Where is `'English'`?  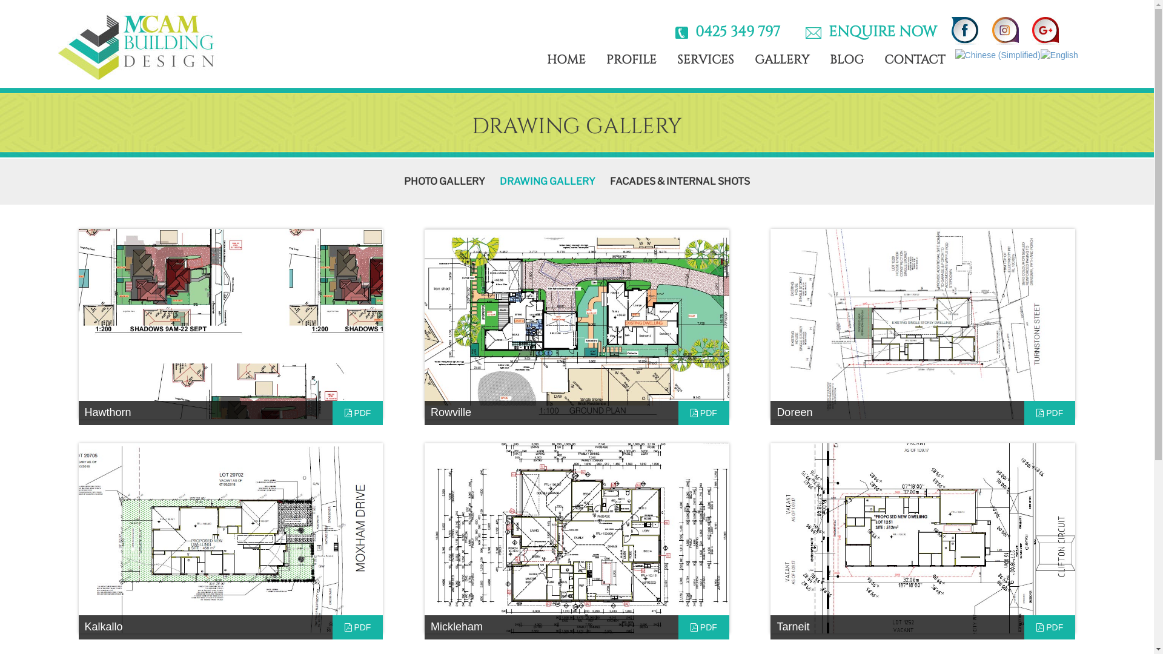
'English' is located at coordinates (1040, 53).